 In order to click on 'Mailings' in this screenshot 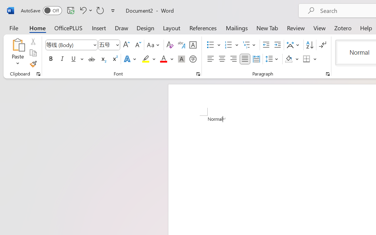, I will do `click(237, 28)`.